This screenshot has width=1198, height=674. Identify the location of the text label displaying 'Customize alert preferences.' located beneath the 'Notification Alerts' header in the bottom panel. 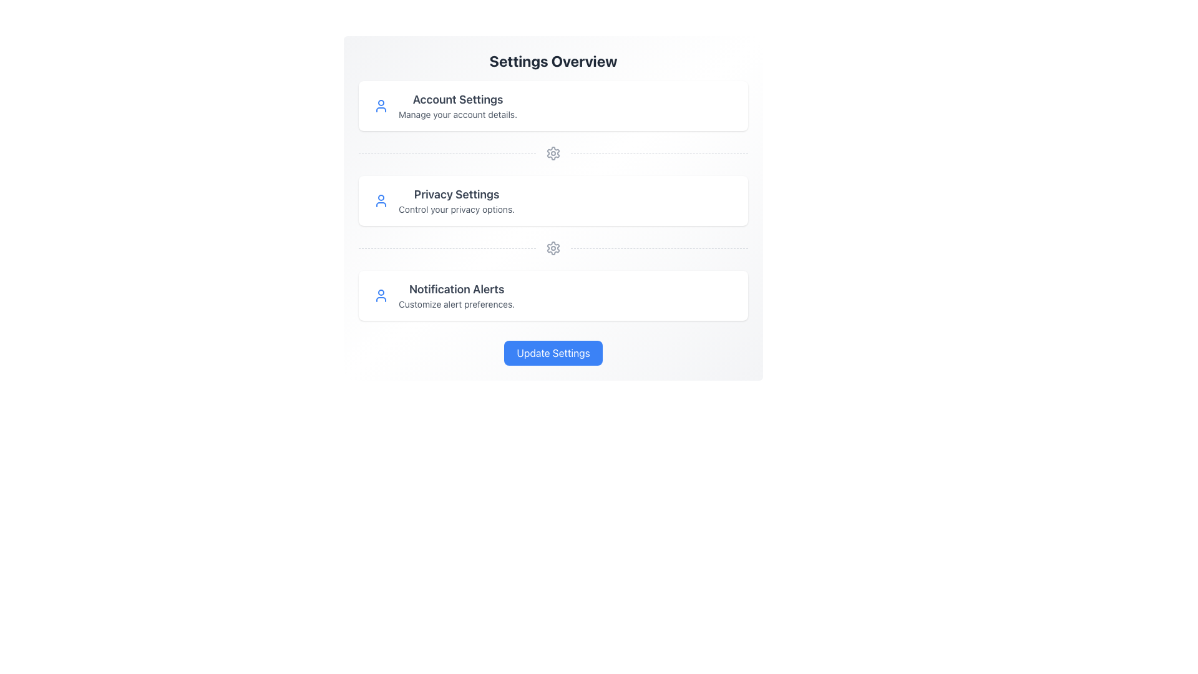
(456, 305).